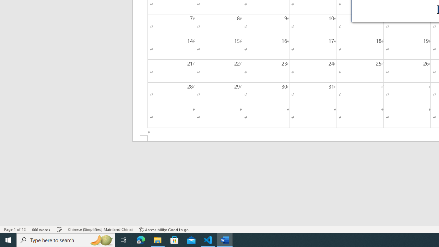 This screenshot has width=439, height=247. Describe the element at coordinates (8, 239) in the screenshot. I see `'Start'` at that location.